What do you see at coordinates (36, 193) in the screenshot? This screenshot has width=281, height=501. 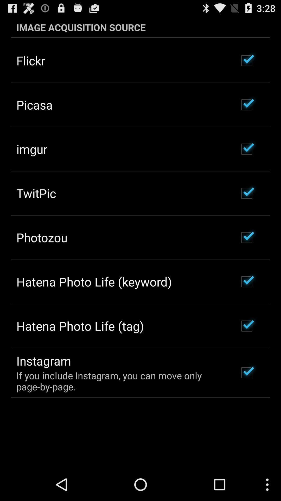 I see `app below imgur item` at bounding box center [36, 193].